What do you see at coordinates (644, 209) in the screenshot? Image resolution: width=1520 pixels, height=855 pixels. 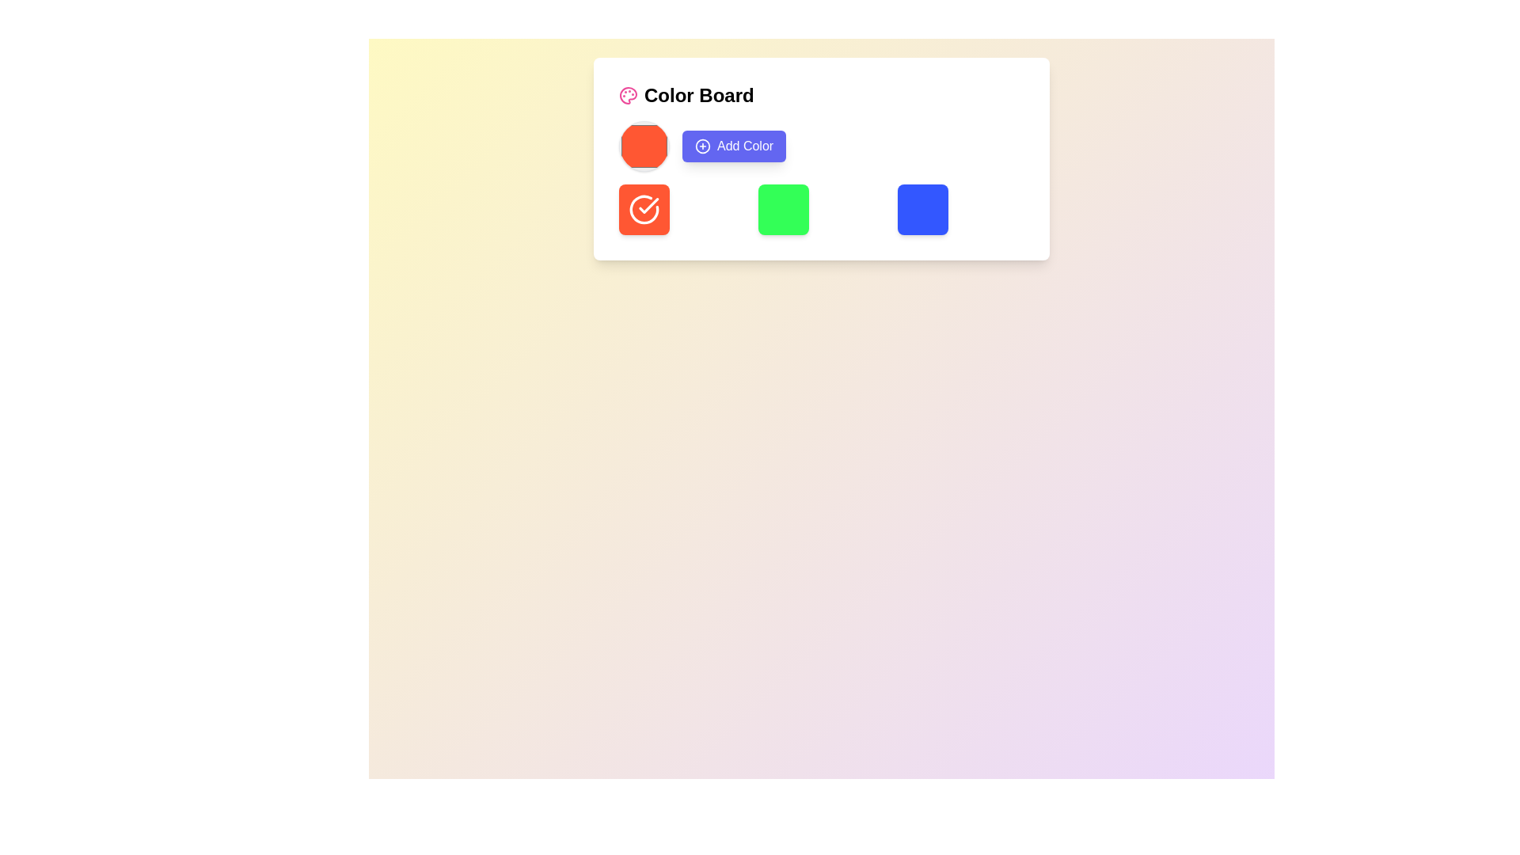 I see `the circular icon with a checkmark on an orange square background` at bounding box center [644, 209].